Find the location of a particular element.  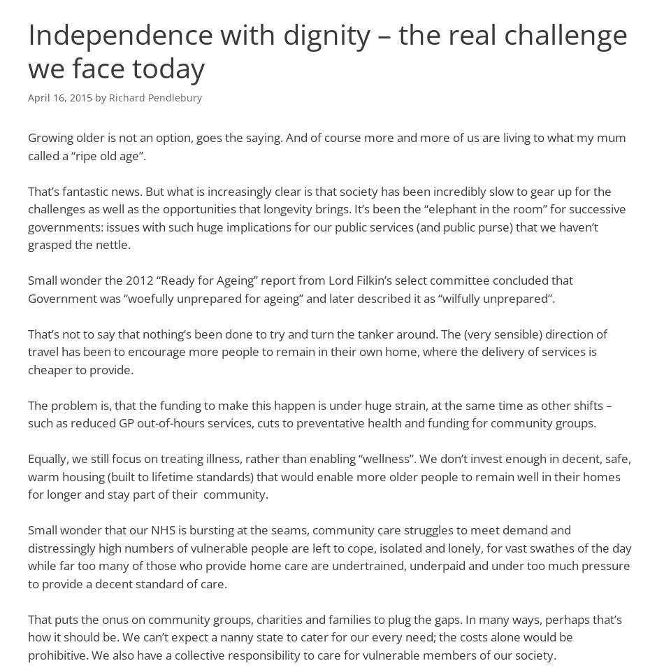

'That’s fantastic news. But what is increasingly clear is that society has been incredibly slow to gear up for the challenges as well as the opportunities that longevity brings. It’s been the “elephant in the room” for successive governments: issues with such huge implications for our public services (and public purse) that we haven’t grasped the nettle.' is located at coordinates (326, 218).